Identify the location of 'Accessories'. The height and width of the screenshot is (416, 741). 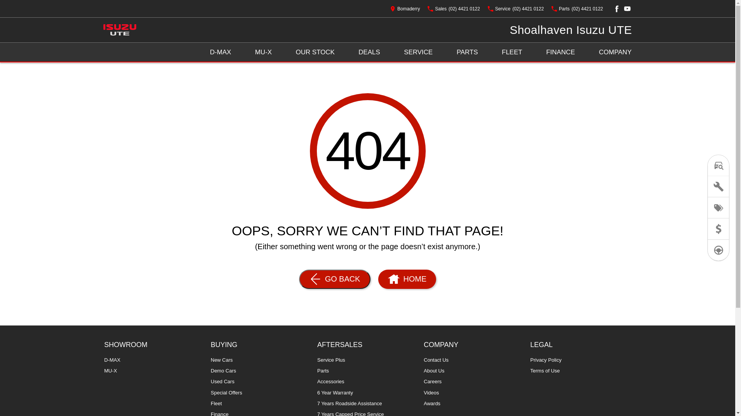
(331, 383).